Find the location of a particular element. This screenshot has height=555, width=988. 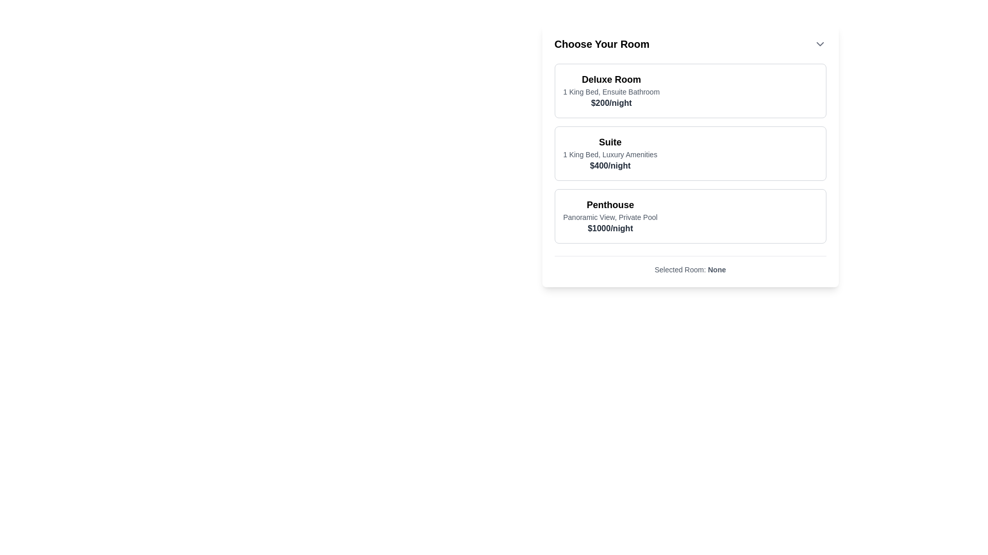

the Text label that displays the currently selected room to change its value, which is initially set to 'None' is located at coordinates (690, 265).